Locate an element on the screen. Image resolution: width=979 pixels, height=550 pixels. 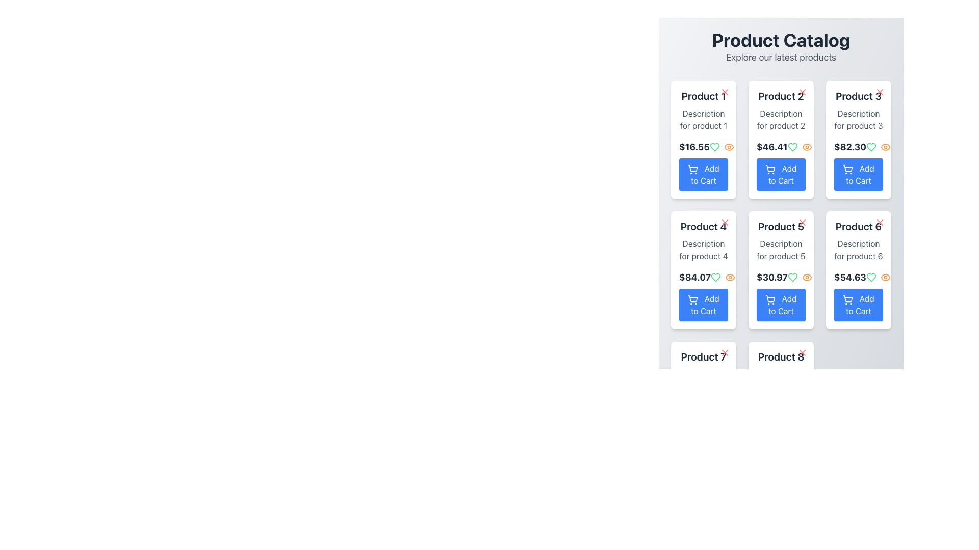
the Text label displaying the title or identifier of 'Product 5' in the second row and second column of the 'Product Catalog' grid layout is located at coordinates (780, 226).